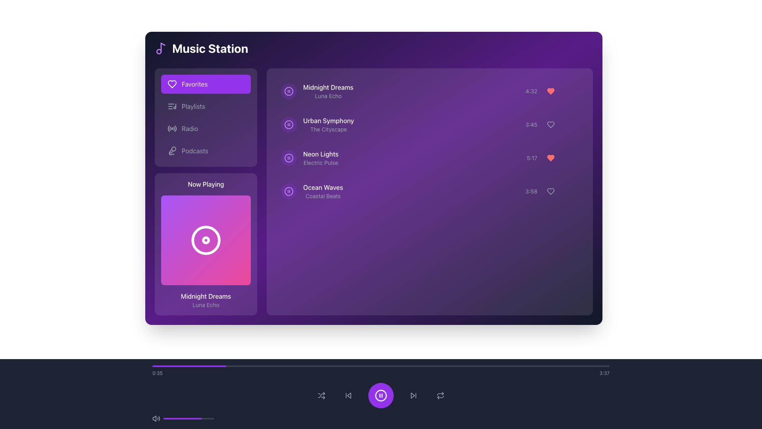  I want to click on the small circular dot located at the center of the spinning disc icon in the 'Now Playing' section of the interface, so click(206, 240).